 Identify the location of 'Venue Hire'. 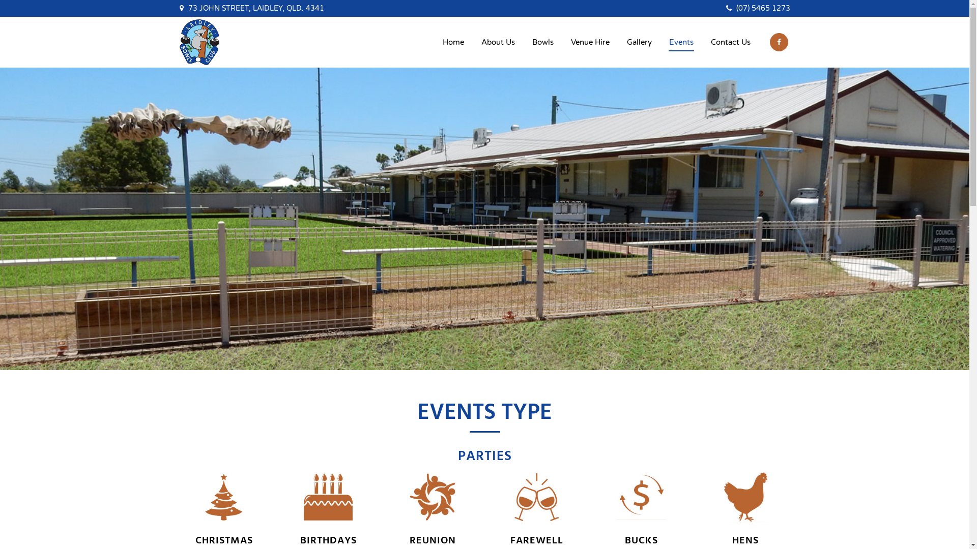
(561, 42).